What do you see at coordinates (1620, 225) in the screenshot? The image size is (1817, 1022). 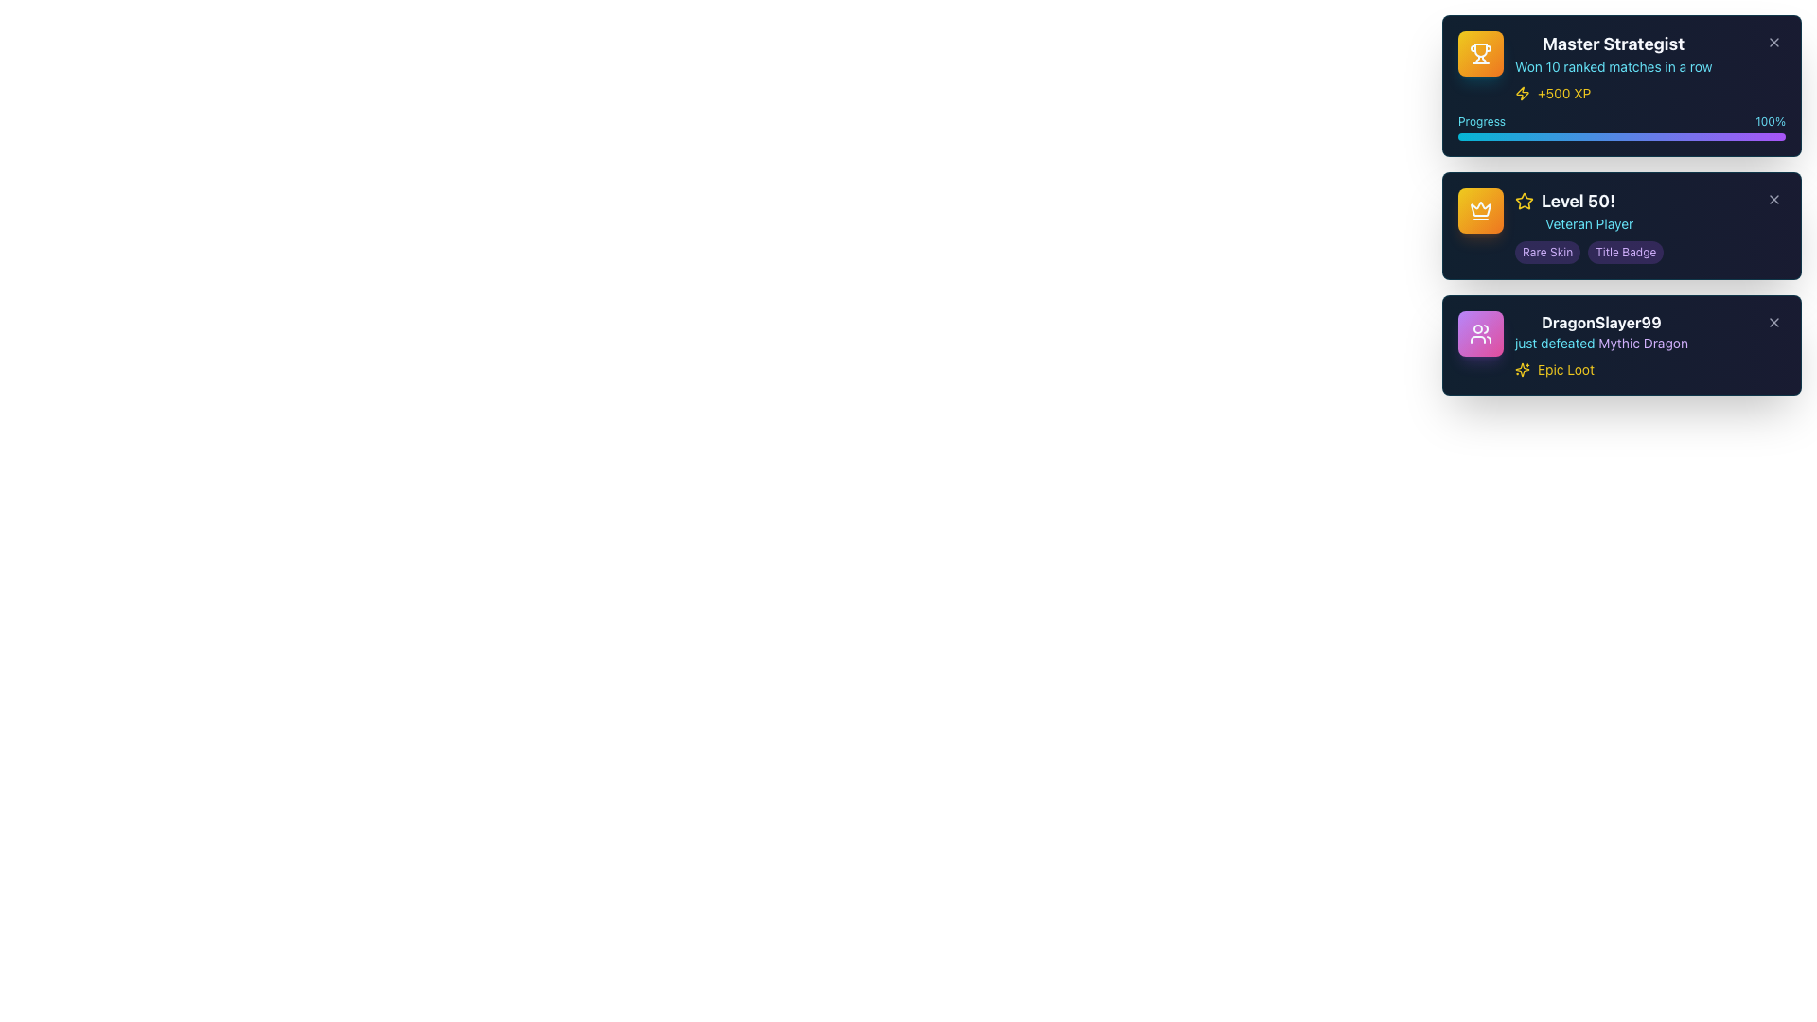 I see `the Notification Card located between the 'Master Strategist' card and the 'DragonSlayer99' card in the top-right corner of the interface` at bounding box center [1620, 225].